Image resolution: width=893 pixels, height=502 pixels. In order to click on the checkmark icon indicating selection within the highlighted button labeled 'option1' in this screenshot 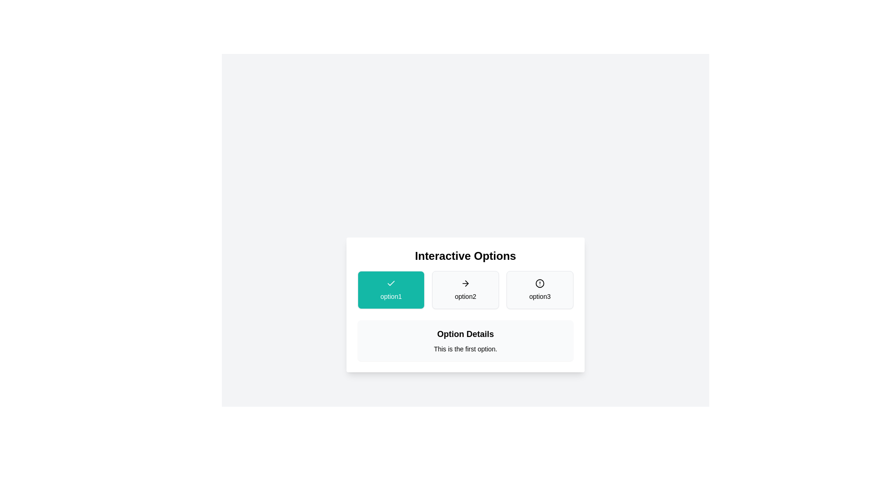, I will do `click(391, 283)`.